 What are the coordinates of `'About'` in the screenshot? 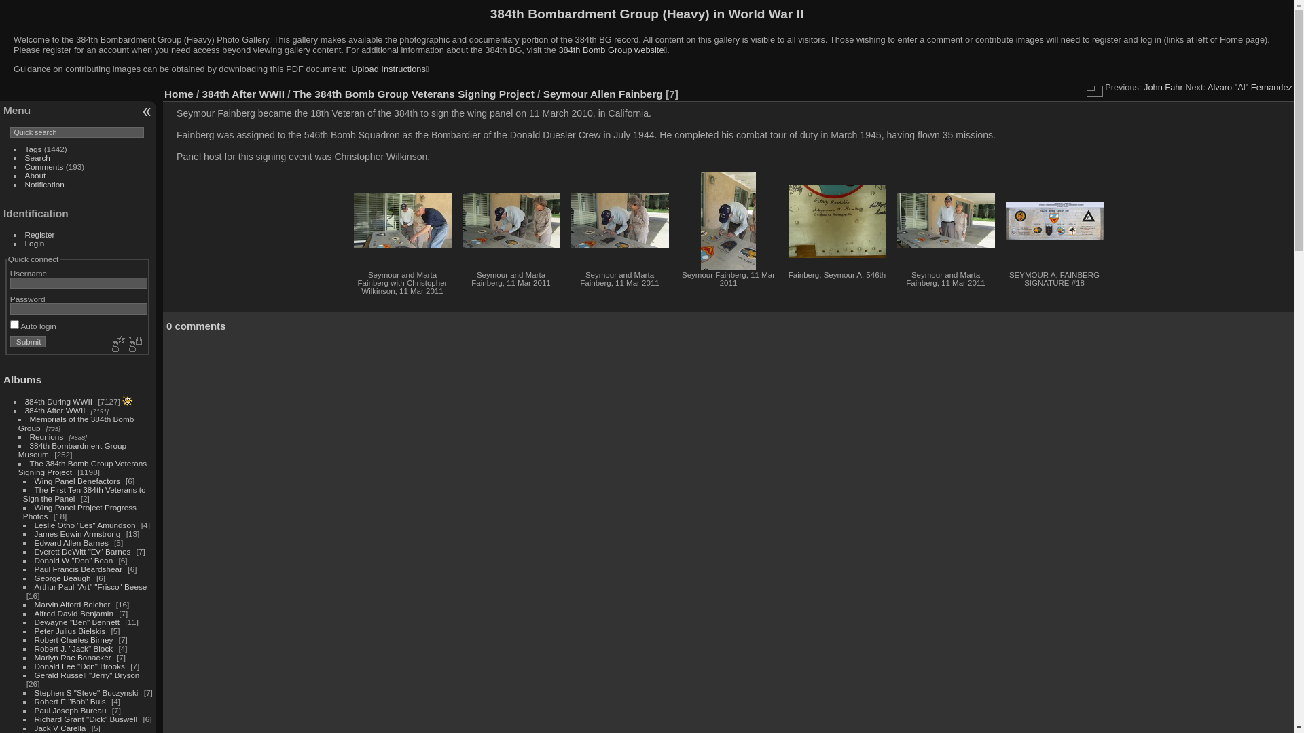 It's located at (35, 174).